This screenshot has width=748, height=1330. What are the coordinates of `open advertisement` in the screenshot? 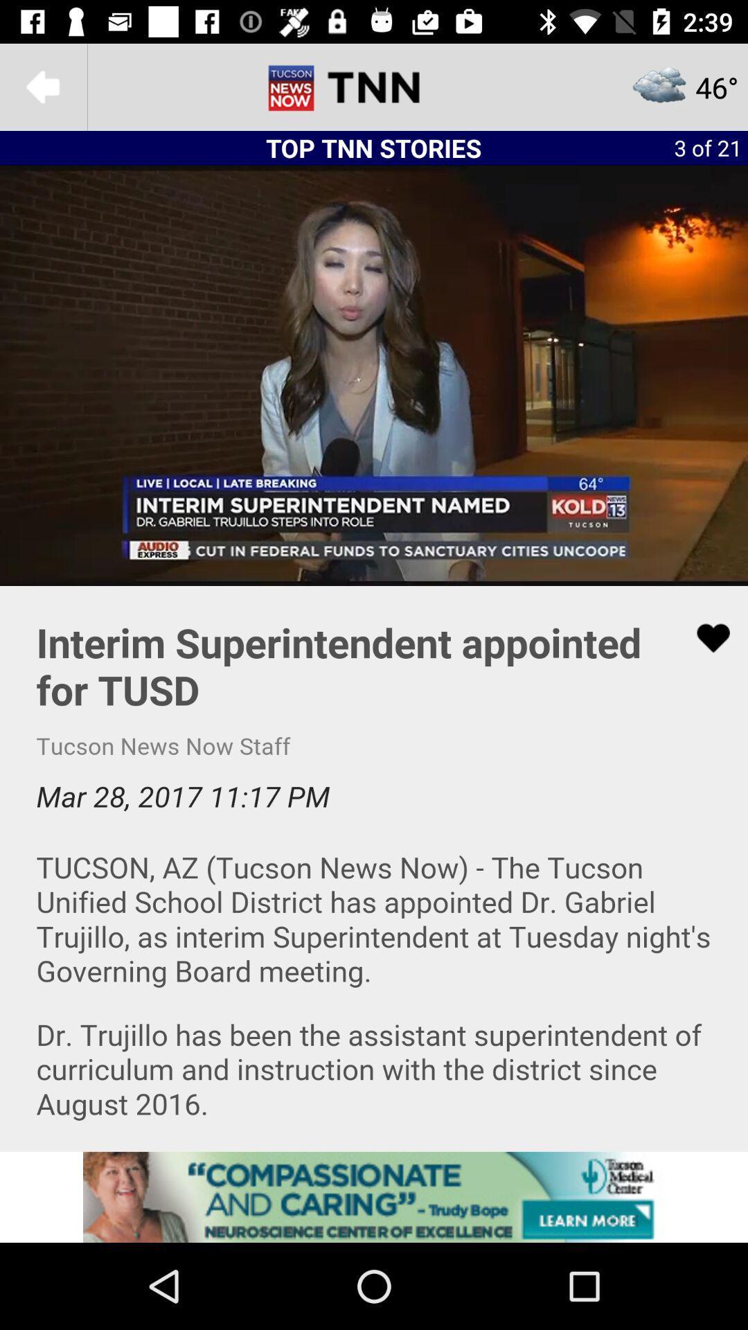 It's located at (374, 1196).